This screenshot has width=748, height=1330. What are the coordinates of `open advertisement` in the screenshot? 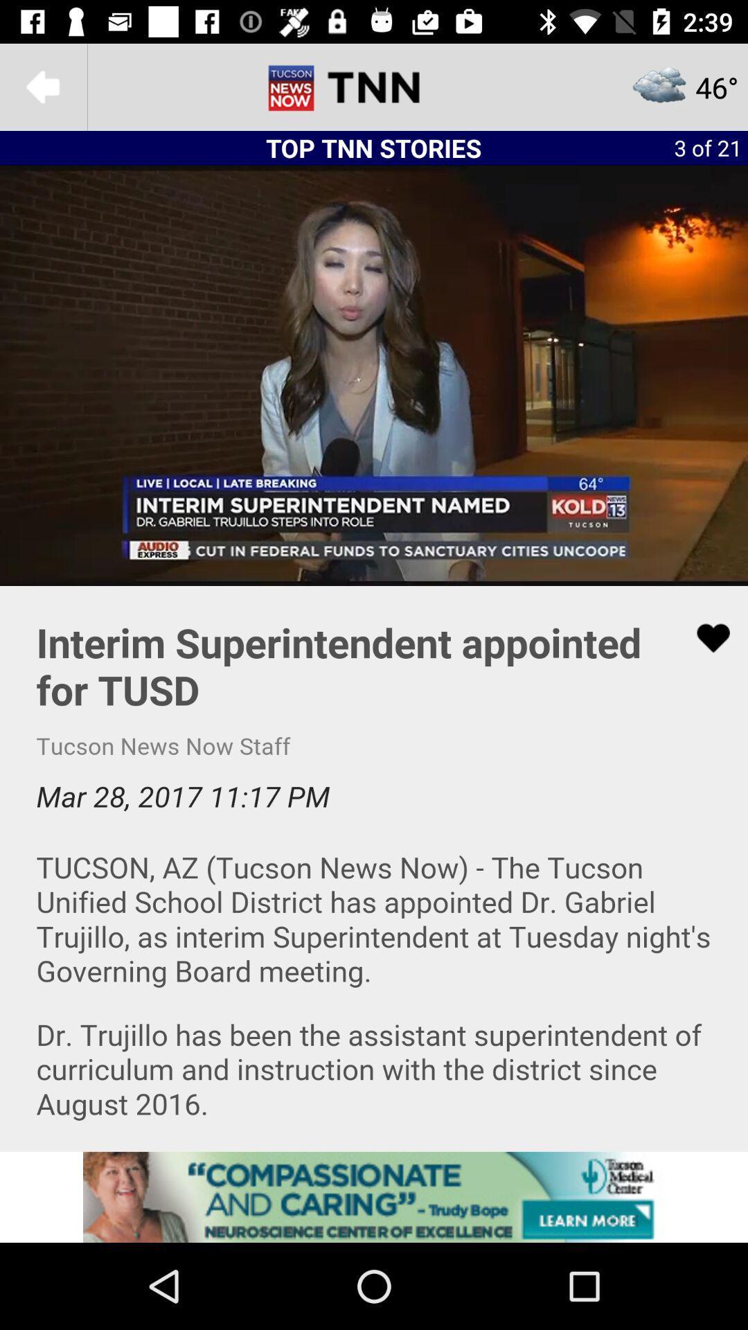 It's located at (374, 1196).